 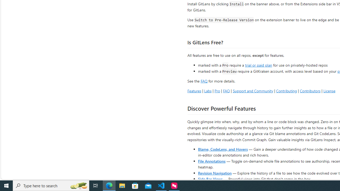 I want to click on 'Pro', so click(x=217, y=90).